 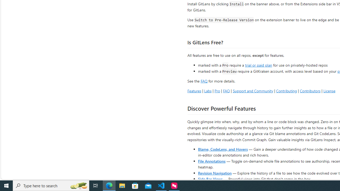 I want to click on 'Pro', so click(x=217, y=90).